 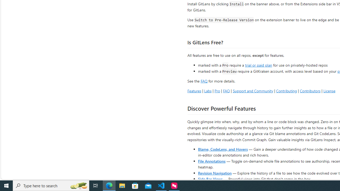 I want to click on 'Pro', so click(x=217, y=90).